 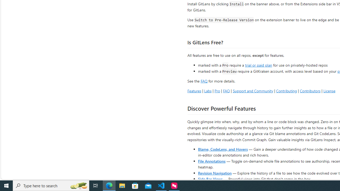 I want to click on 'Pro', so click(x=217, y=90).